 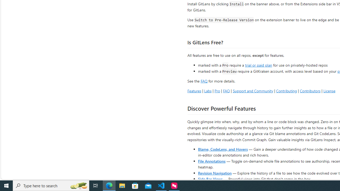 I want to click on 'Pro', so click(x=217, y=90).